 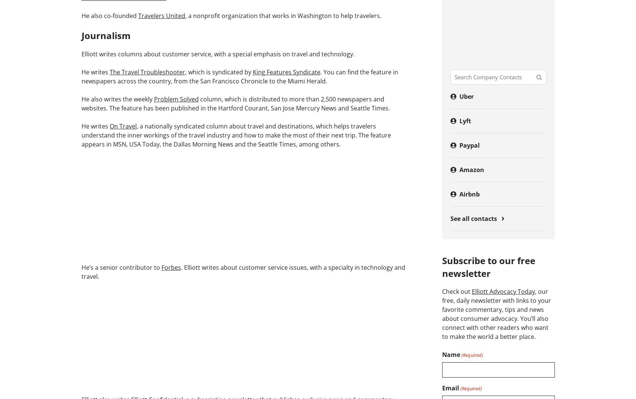 I want to click on 'Problem Solved', so click(x=176, y=98).